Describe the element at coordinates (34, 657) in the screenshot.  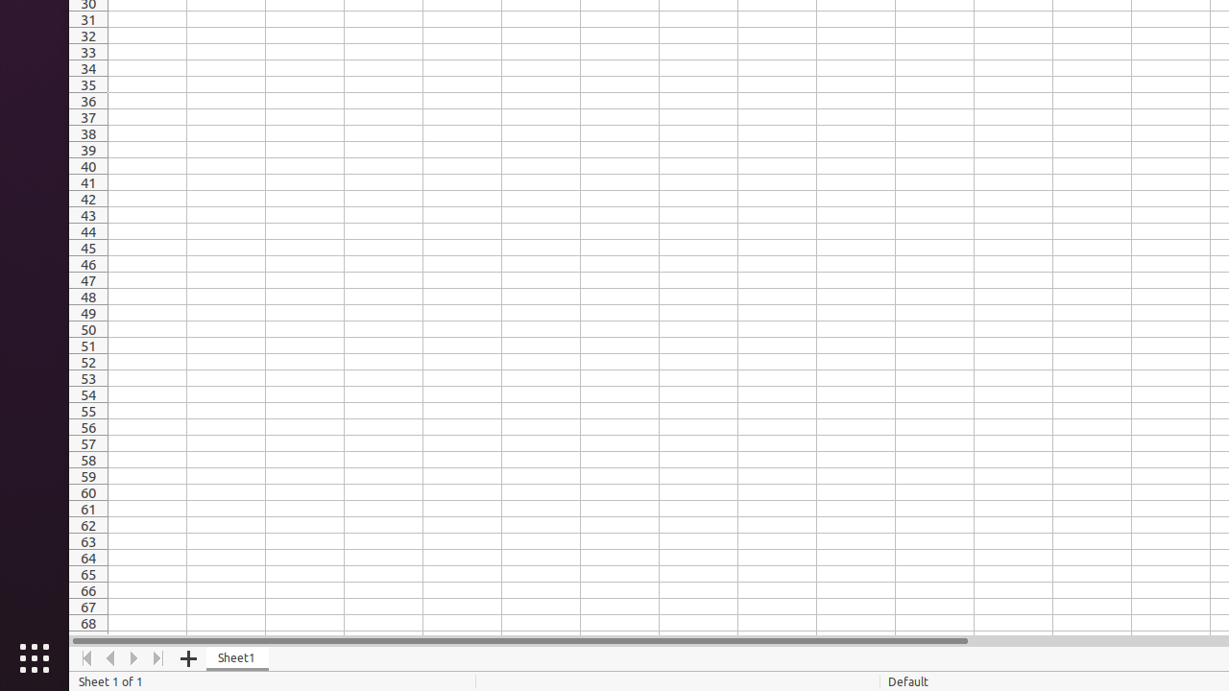
I see `'Show Applications'` at that location.